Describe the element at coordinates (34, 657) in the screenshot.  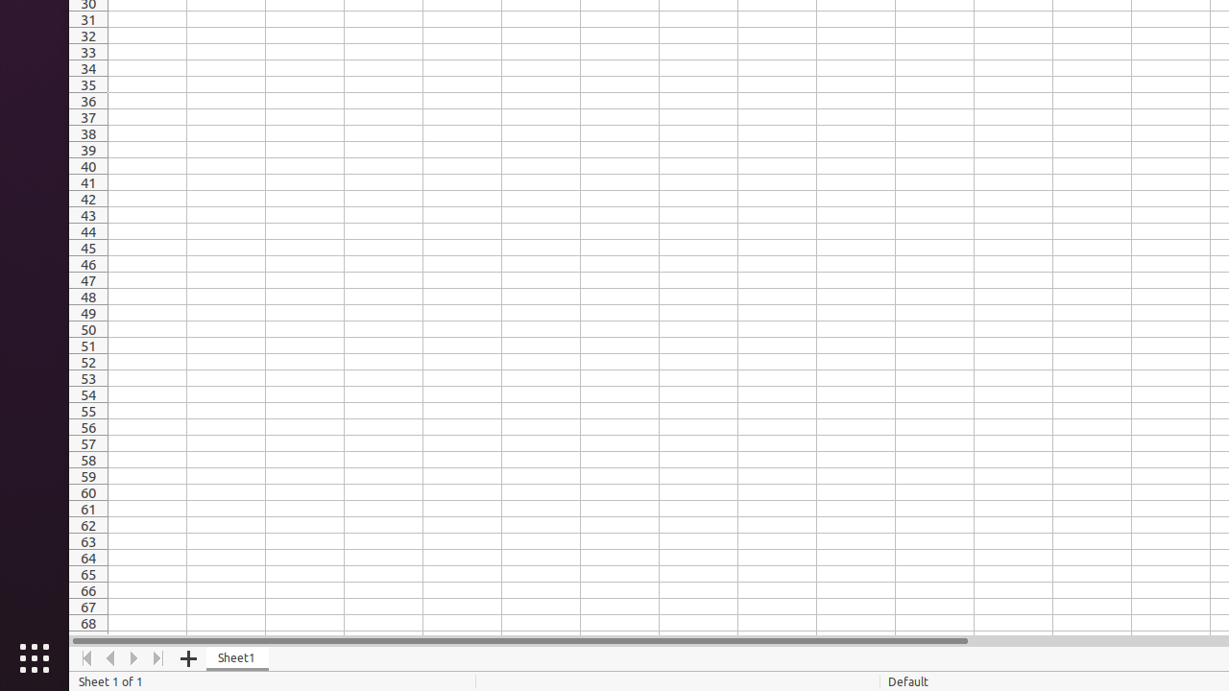
I see `'Show Applications'` at that location.